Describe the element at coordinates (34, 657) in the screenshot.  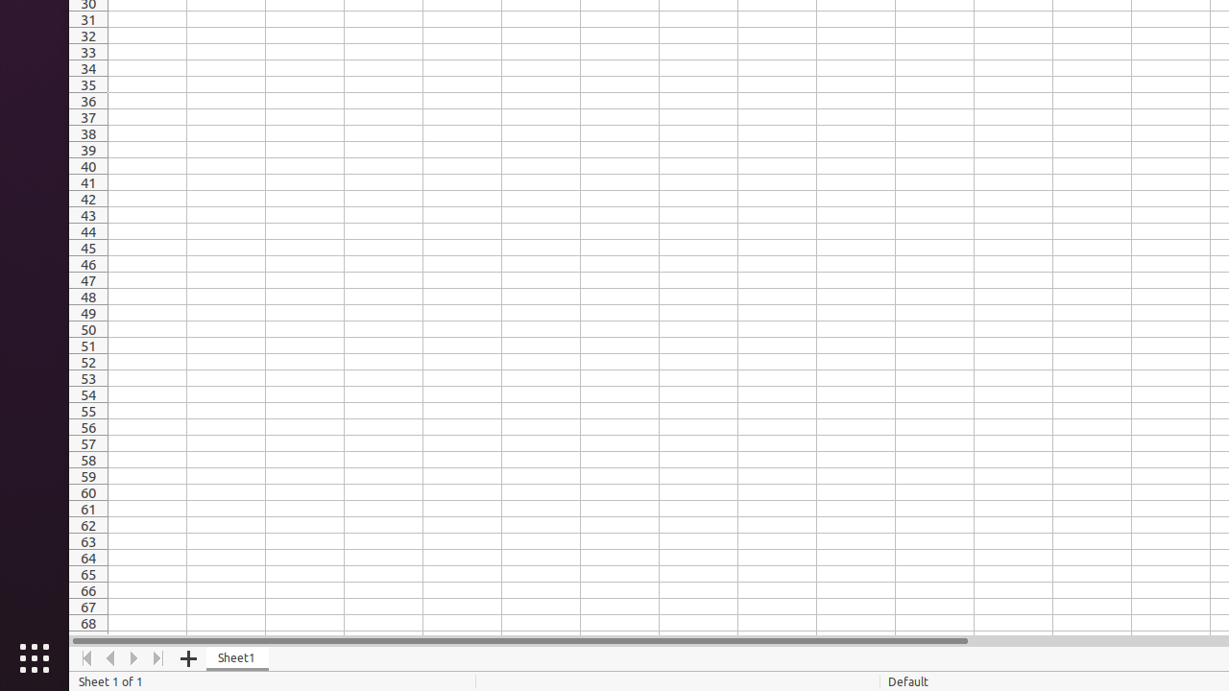
I see `'Show Applications'` at that location.